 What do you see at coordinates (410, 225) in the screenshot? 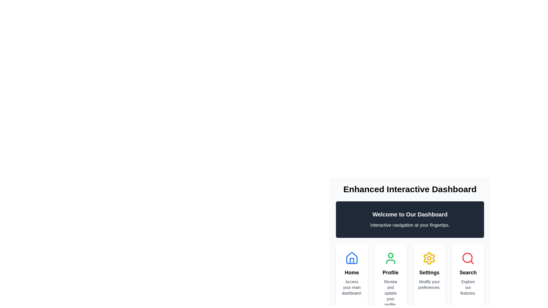
I see `informational subtitle located at the bottom of the card, directly below the headline 'Welcome to Our Dashboard'` at bounding box center [410, 225].